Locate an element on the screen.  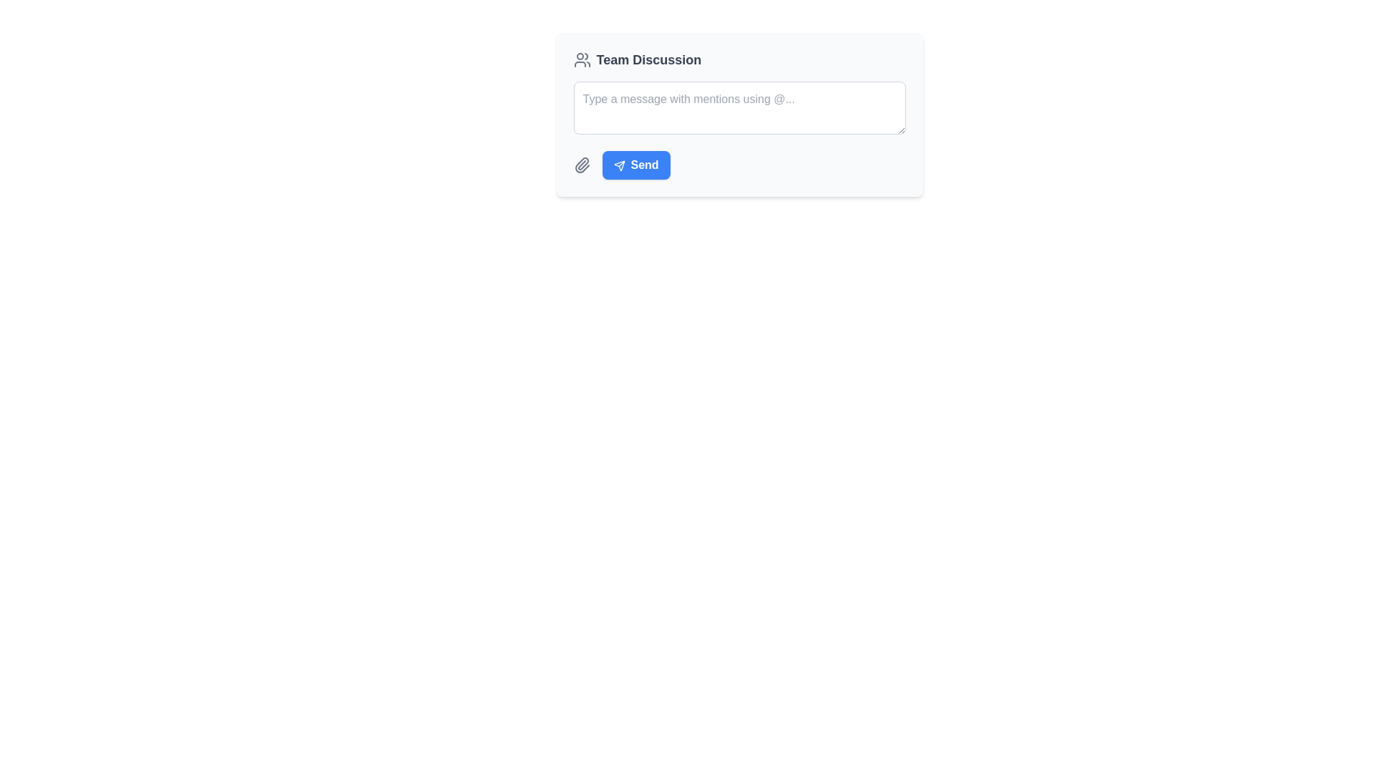
the thin triangular abstract send icon located at the bottom-right corner of the messaging section is located at coordinates (619, 165).